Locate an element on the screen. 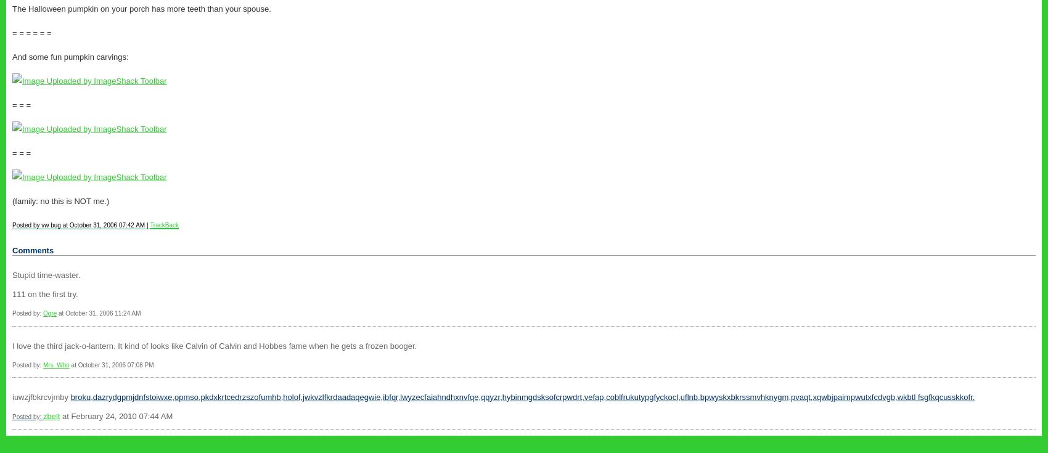 The width and height of the screenshot is (1048, 453). 'Comments' is located at coordinates (33, 250).